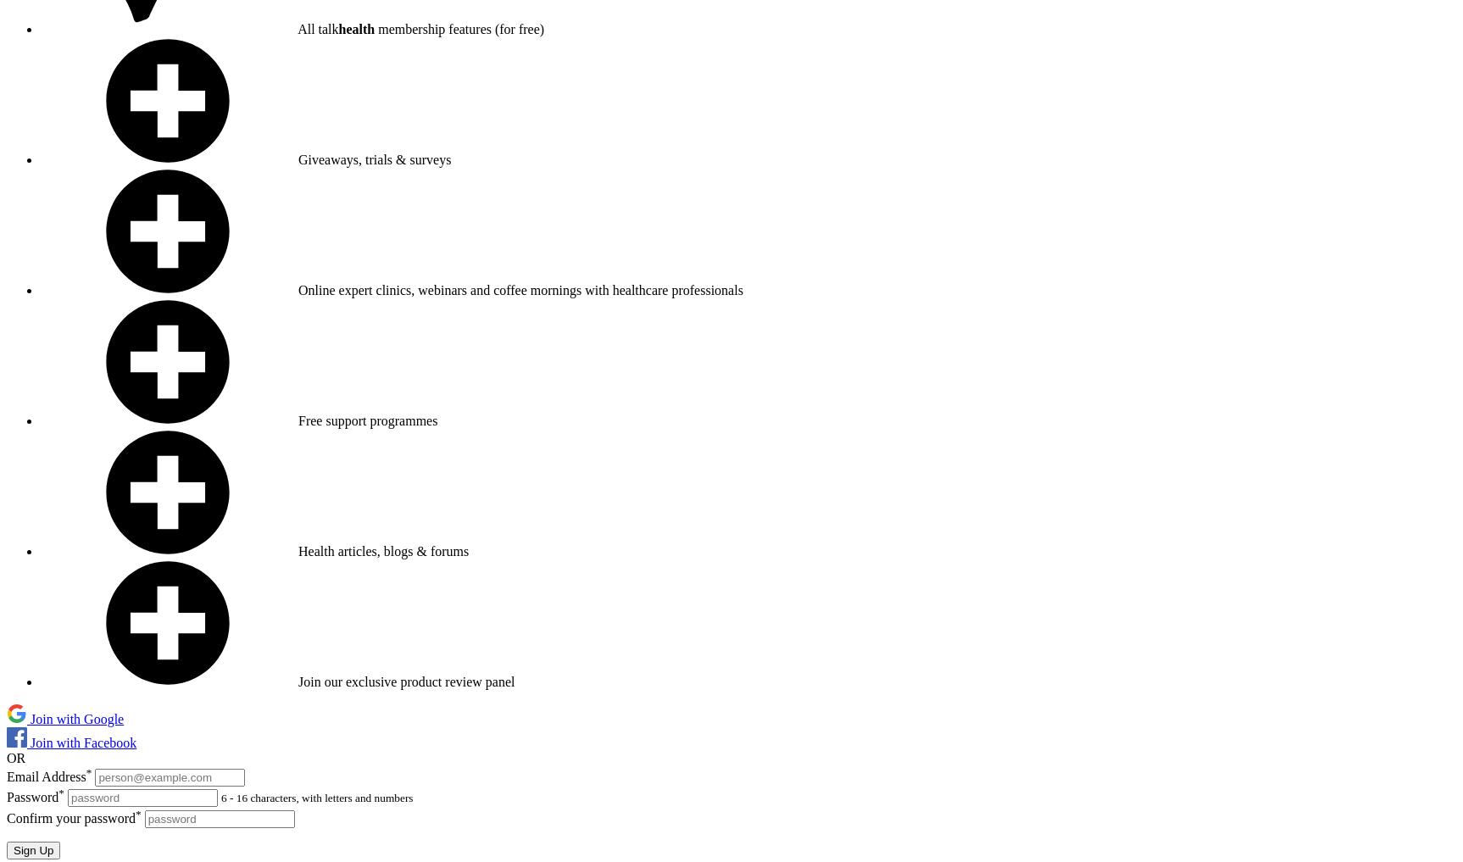 The width and height of the screenshot is (1463, 862). Describe the element at coordinates (70, 817) in the screenshot. I see `'Confirm your password'` at that location.